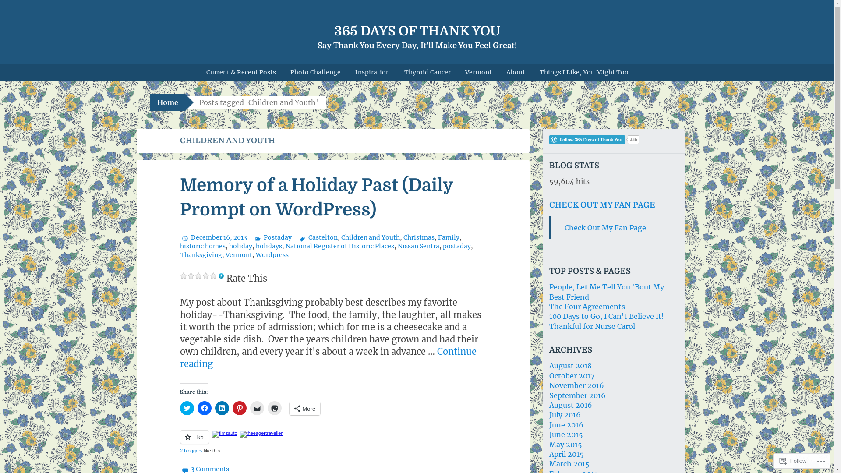 The height and width of the screenshot is (473, 841). I want to click on 'July 2016', so click(565, 414).